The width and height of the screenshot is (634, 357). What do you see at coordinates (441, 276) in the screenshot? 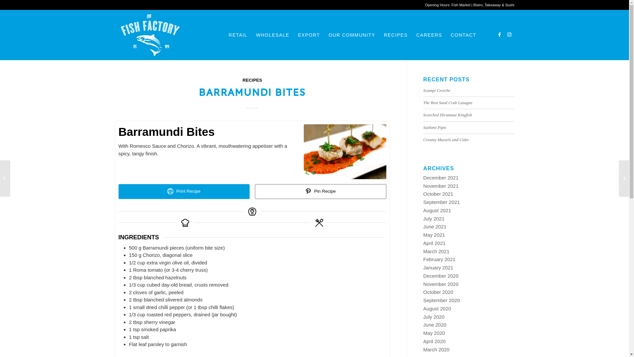
I see `'December 2020'` at bounding box center [441, 276].